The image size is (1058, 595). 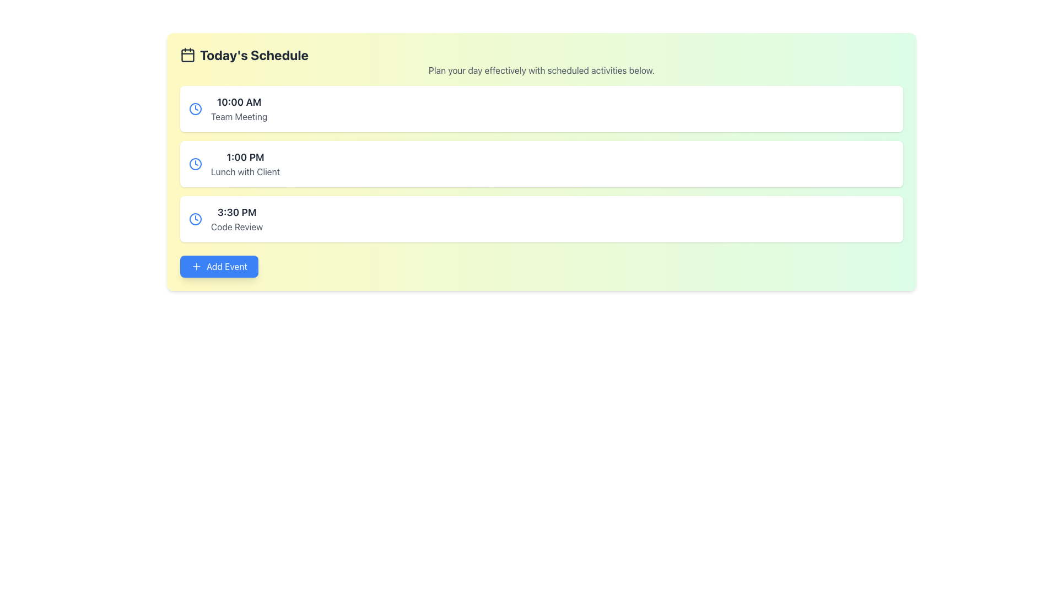 What do you see at coordinates (236, 219) in the screenshot?
I see `the scheduled event displayed in the text label for 'Code Review' at '3:30 PM', which is located in the third card item under 'Today's Schedule'` at bounding box center [236, 219].